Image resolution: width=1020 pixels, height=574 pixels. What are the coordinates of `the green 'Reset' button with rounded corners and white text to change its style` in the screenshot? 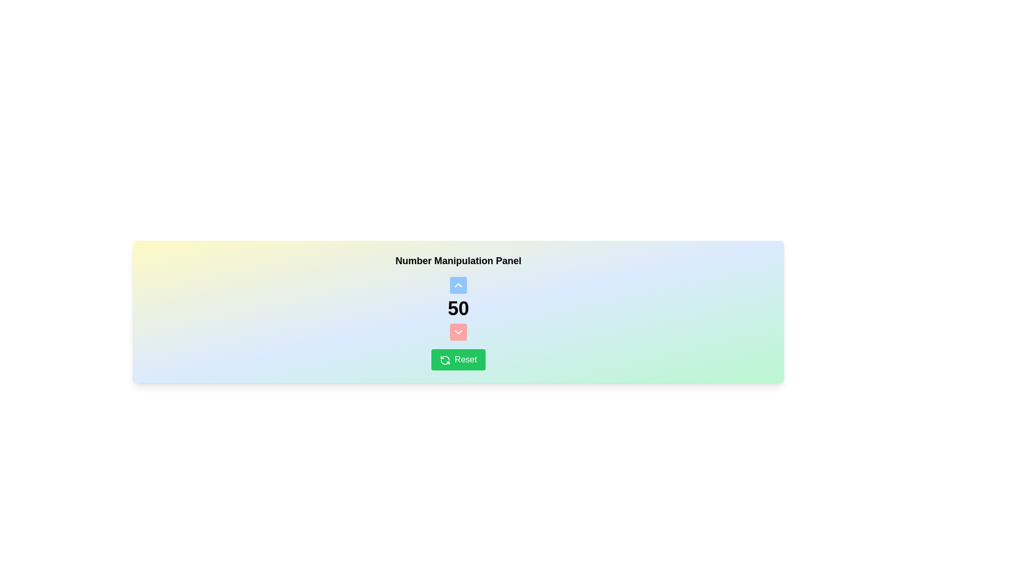 It's located at (458, 359).